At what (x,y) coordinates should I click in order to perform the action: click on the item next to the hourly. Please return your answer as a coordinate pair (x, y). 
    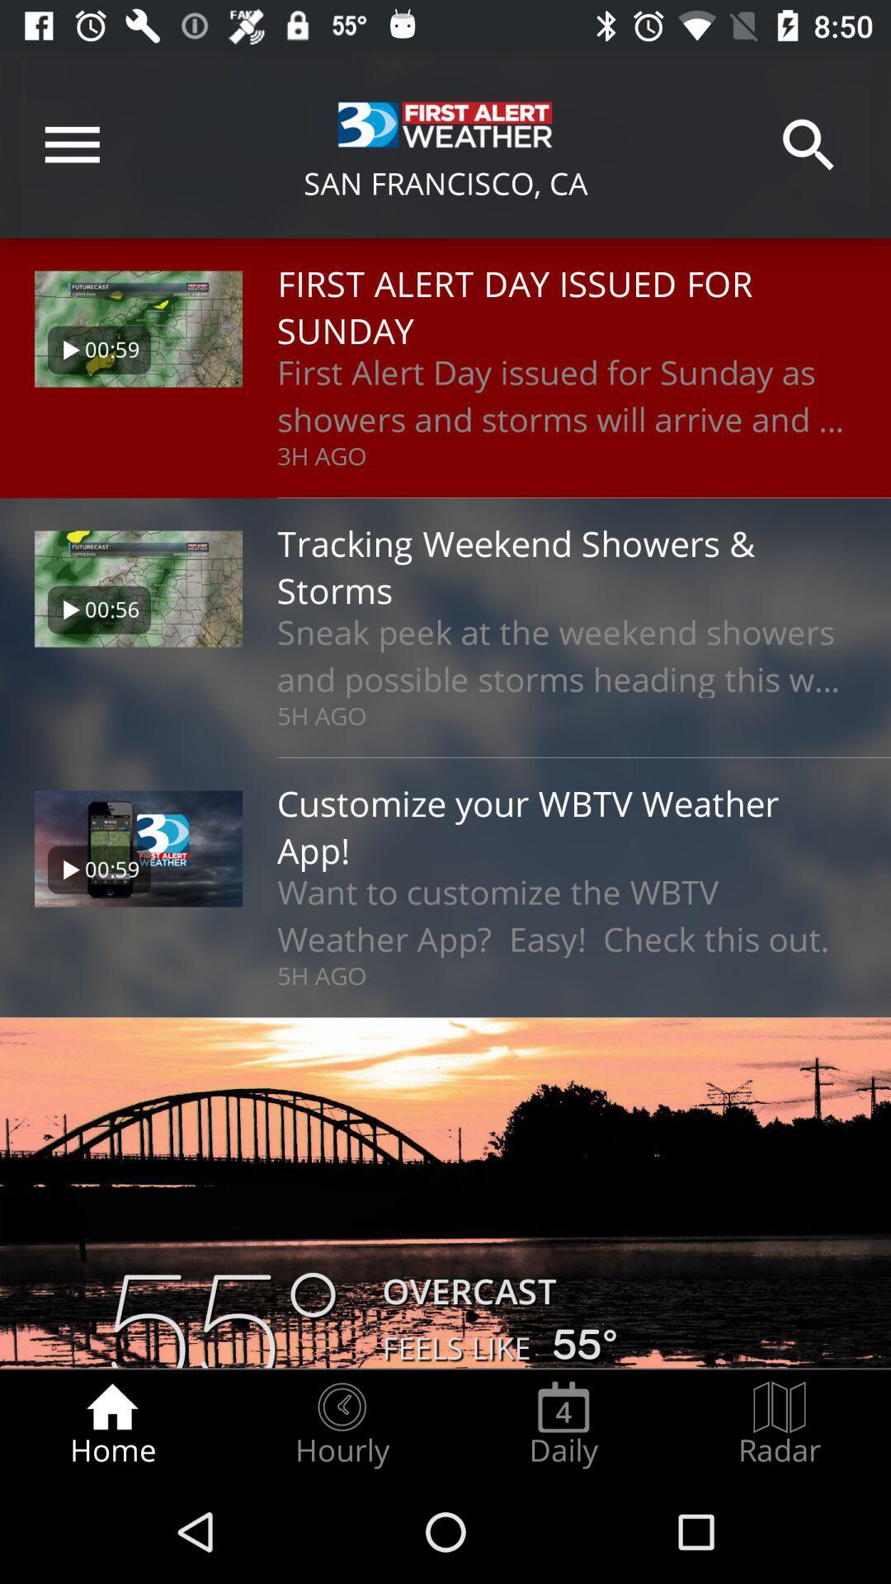
    Looking at the image, I should click on (563, 1424).